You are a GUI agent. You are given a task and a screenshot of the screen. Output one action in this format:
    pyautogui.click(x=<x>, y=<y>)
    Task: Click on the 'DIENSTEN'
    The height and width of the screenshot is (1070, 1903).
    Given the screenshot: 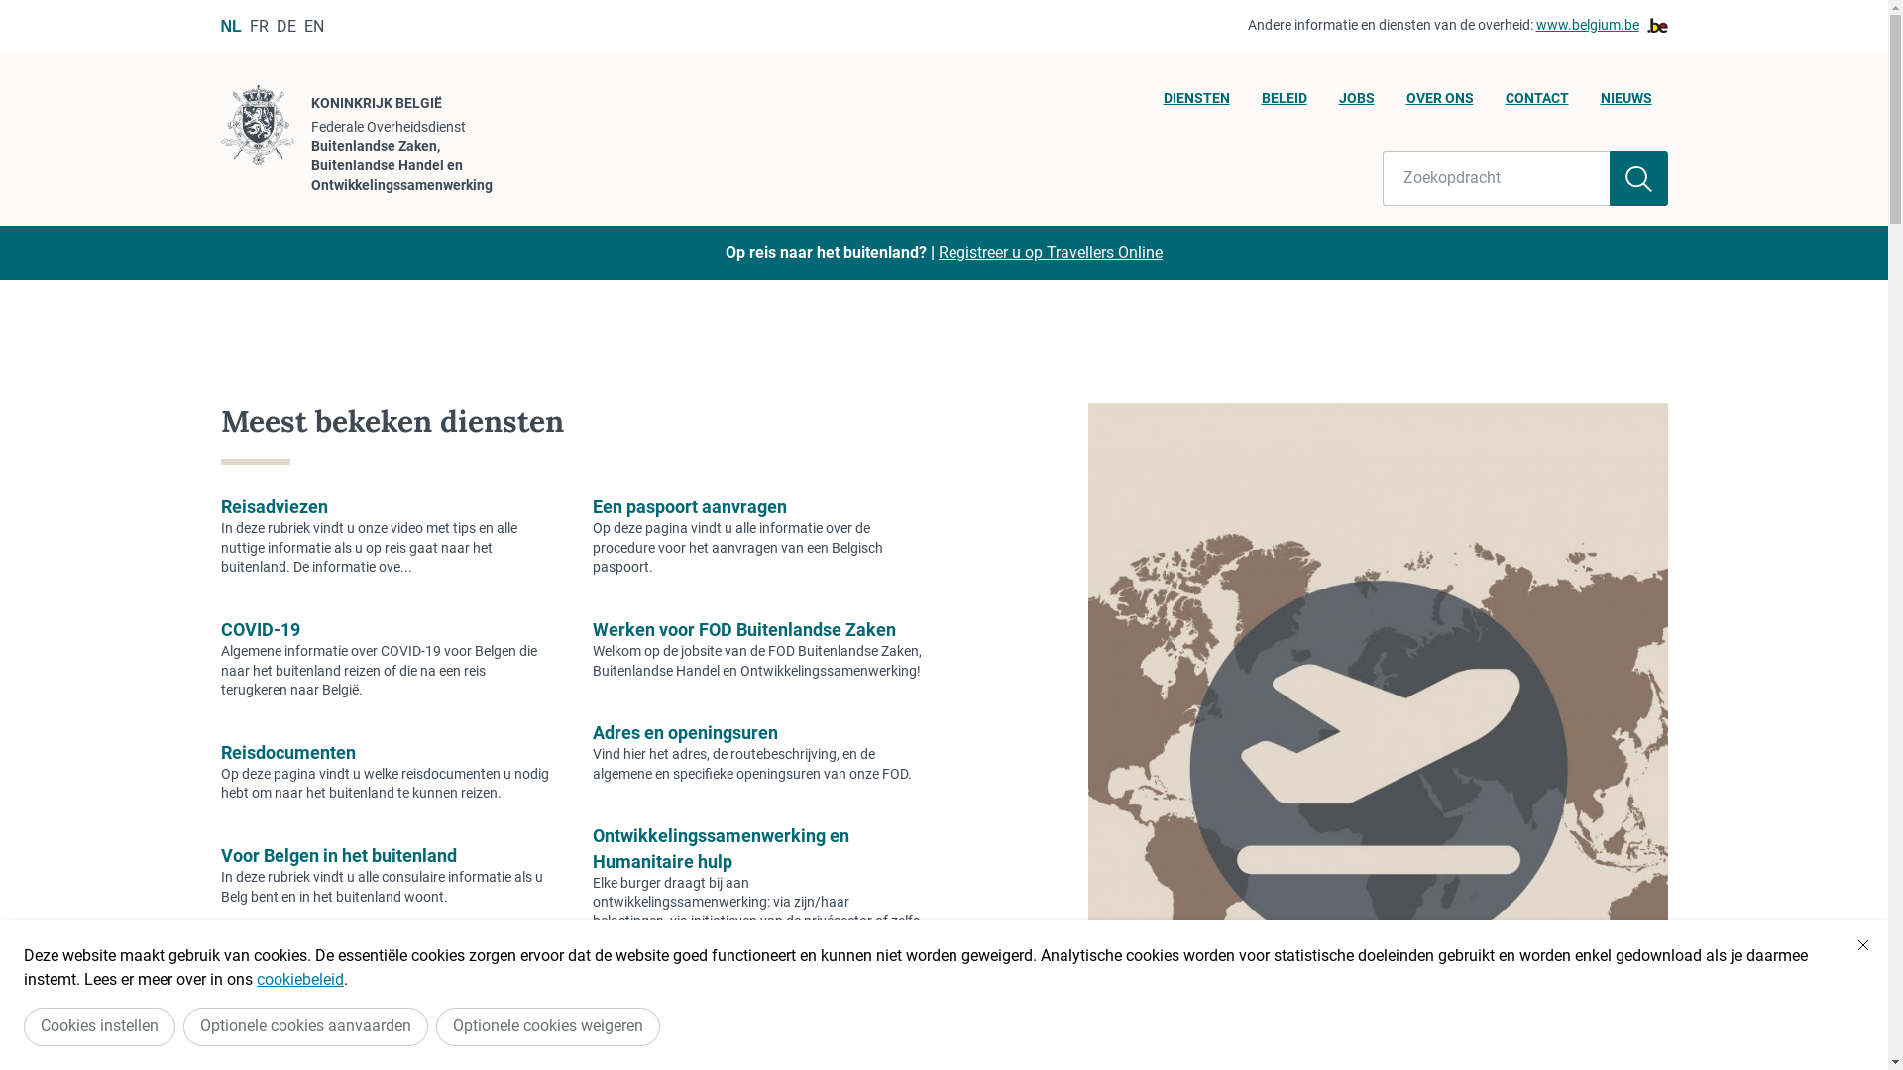 What is the action you would take?
    pyautogui.click(x=1195, y=103)
    